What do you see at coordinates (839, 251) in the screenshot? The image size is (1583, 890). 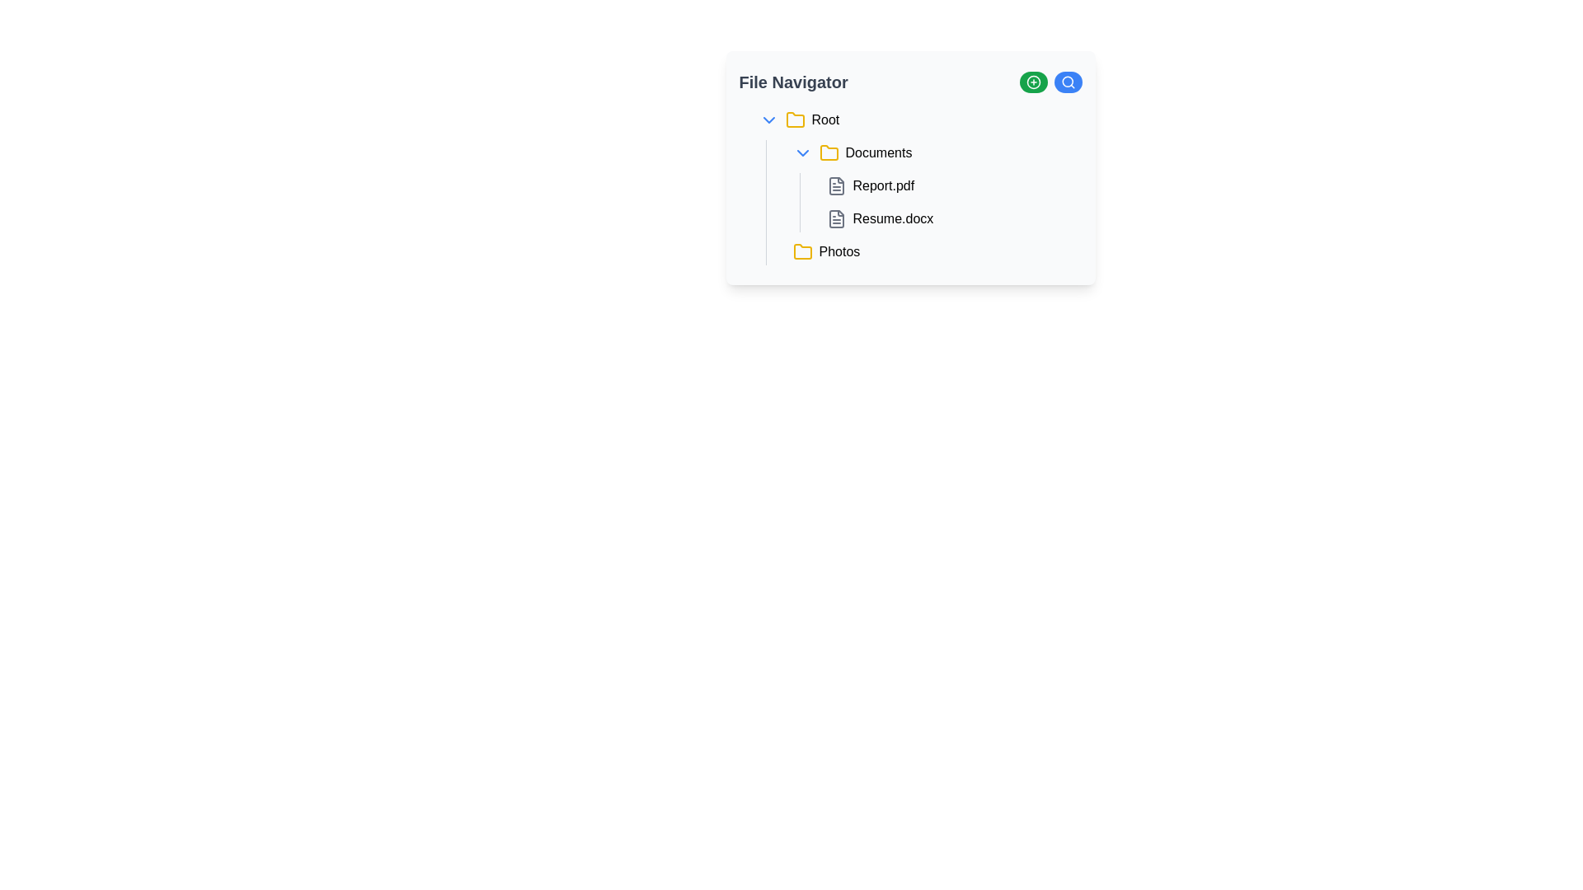 I see `the 'Photos' text label in the File Navigator` at bounding box center [839, 251].